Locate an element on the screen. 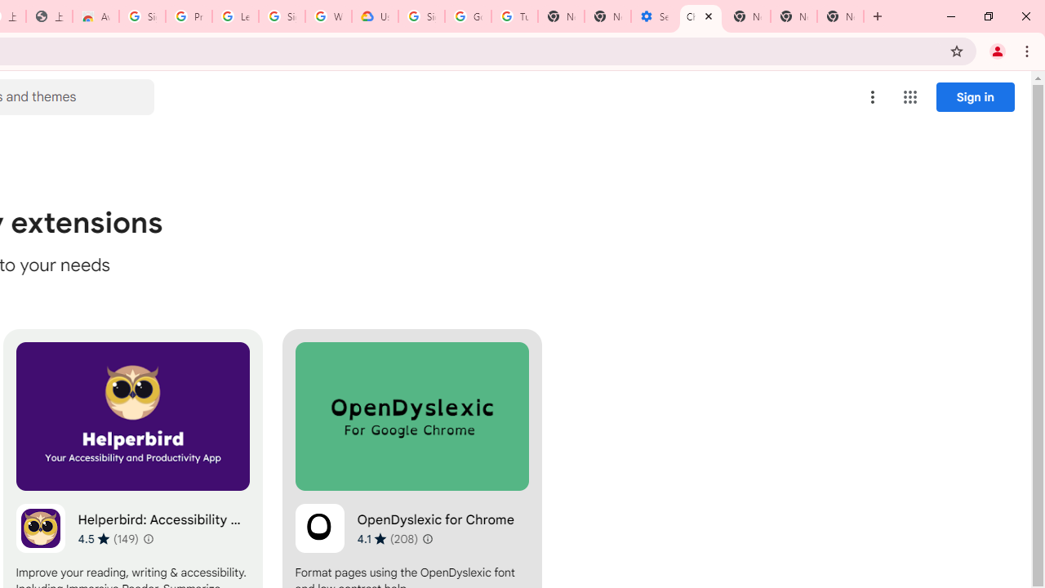 The width and height of the screenshot is (1045, 588). 'New Tab' is located at coordinates (840, 16).